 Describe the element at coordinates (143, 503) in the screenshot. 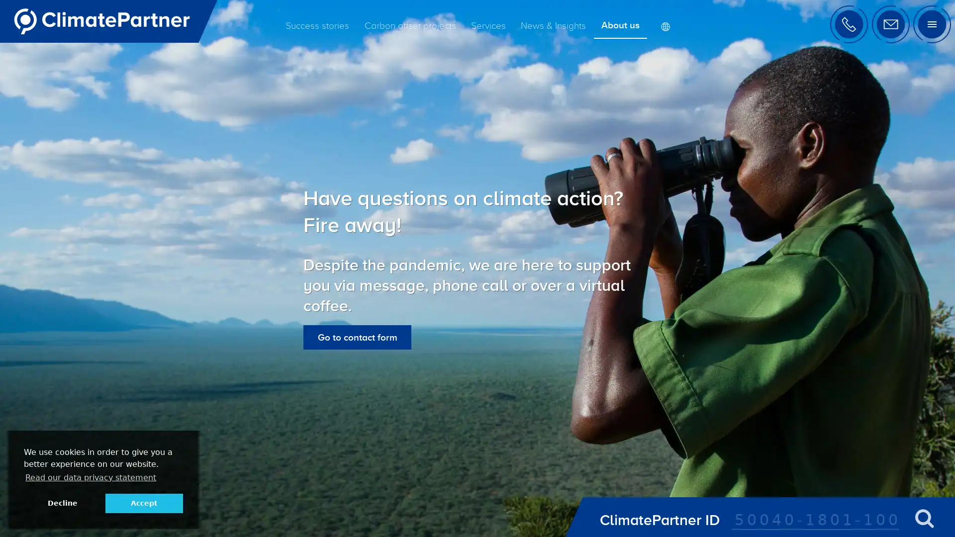

I see `allow cookies` at that location.